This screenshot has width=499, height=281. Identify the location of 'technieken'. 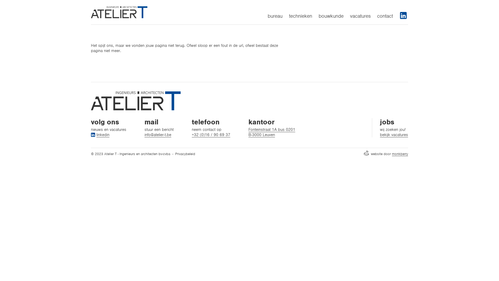
(300, 16).